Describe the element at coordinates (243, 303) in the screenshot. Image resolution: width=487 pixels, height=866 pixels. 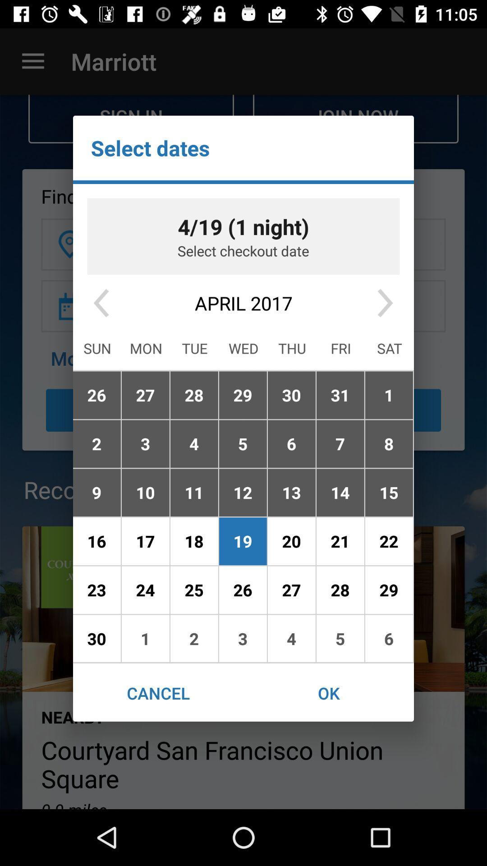
I see `april 2017 icon` at that location.